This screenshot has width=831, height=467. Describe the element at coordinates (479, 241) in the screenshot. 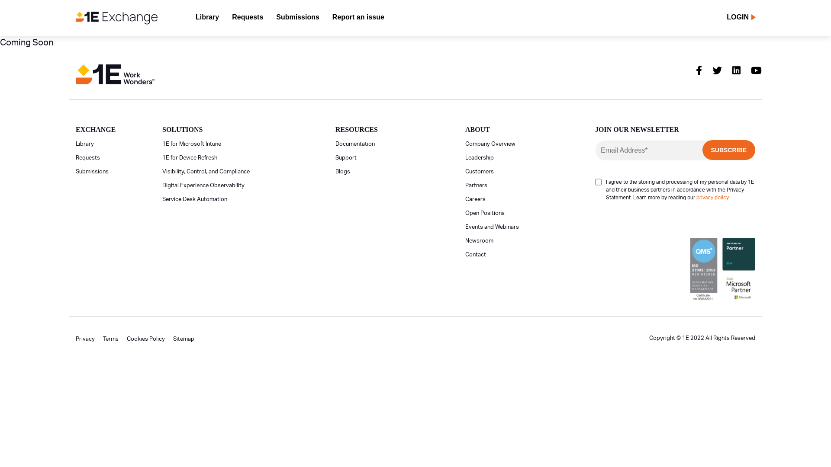

I see `'Newsroom'` at that location.